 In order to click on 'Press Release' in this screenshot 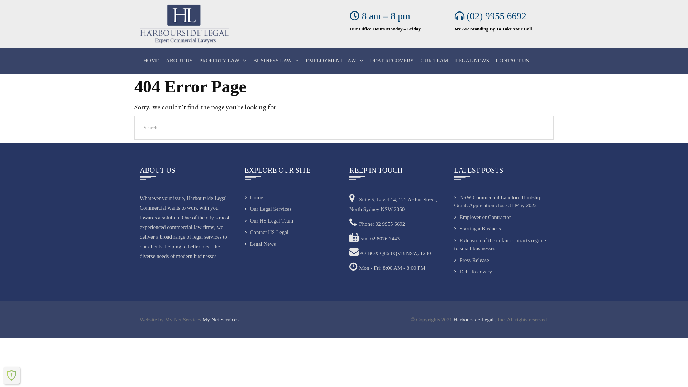, I will do `click(454, 260)`.